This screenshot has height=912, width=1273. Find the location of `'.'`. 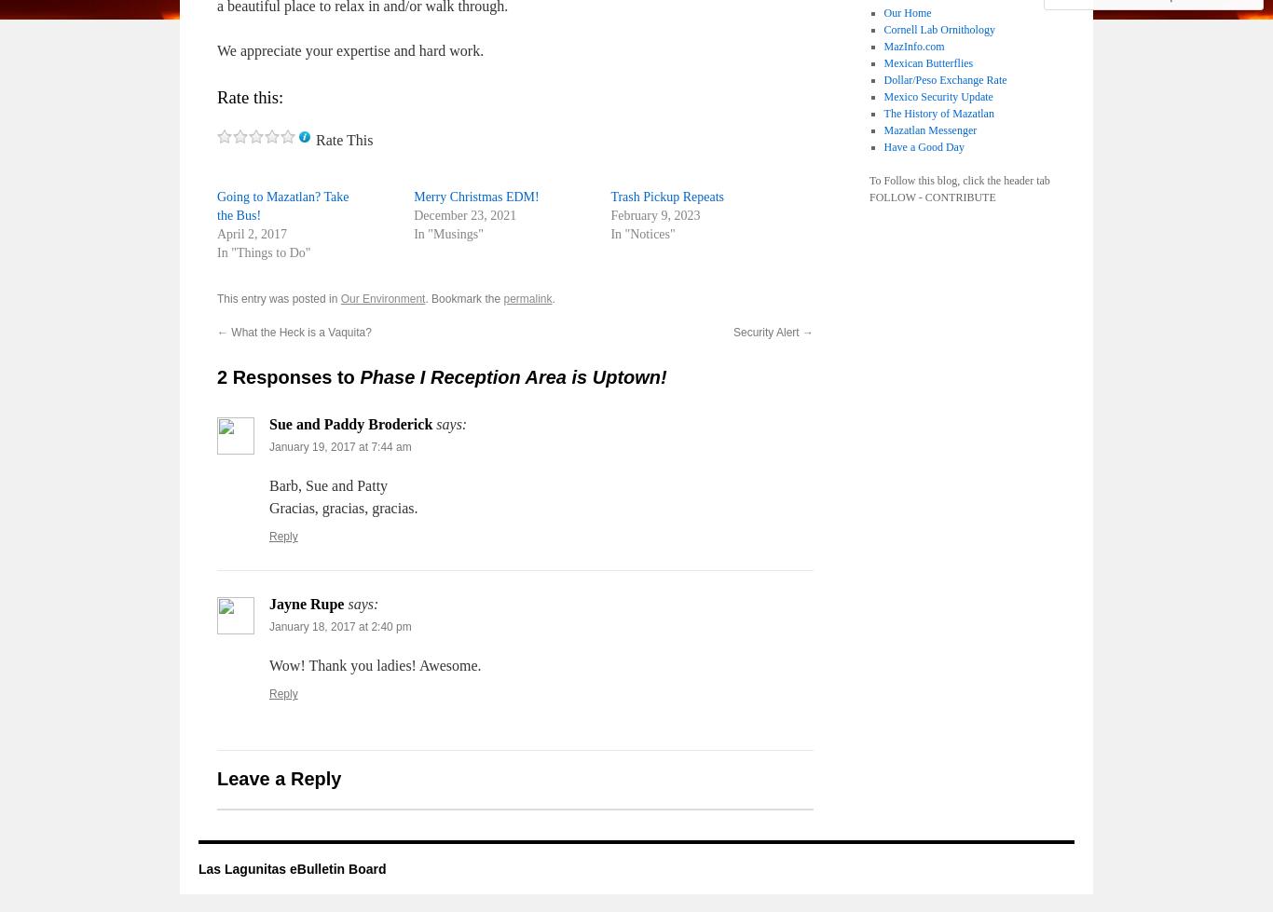

'.' is located at coordinates (552, 299).